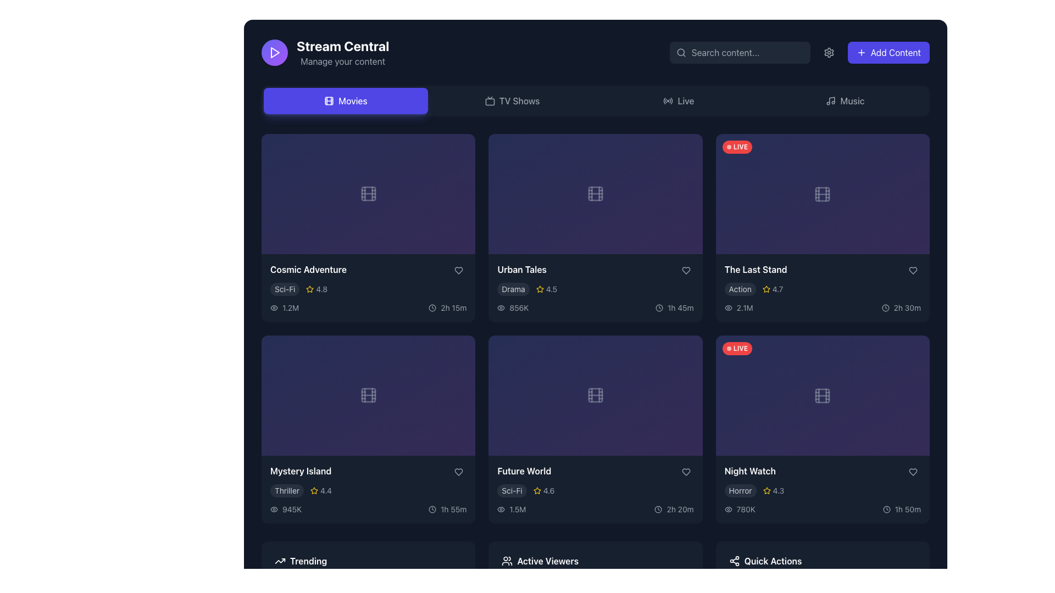 This screenshot has width=1055, height=593. Describe the element at coordinates (453, 509) in the screenshot. I see `the displayed runtime duration of the movie or show in the text label located at the bottom right corner of the 'Mystery Island' content card, adjacent to the clock icon` at that location.